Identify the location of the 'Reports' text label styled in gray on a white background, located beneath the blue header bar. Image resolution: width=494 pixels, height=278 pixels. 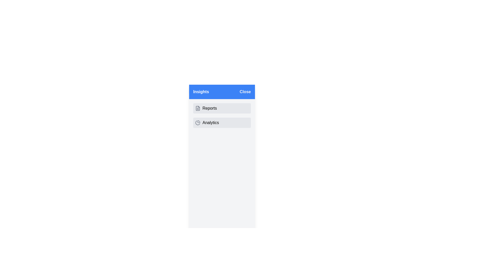
(210, 108).